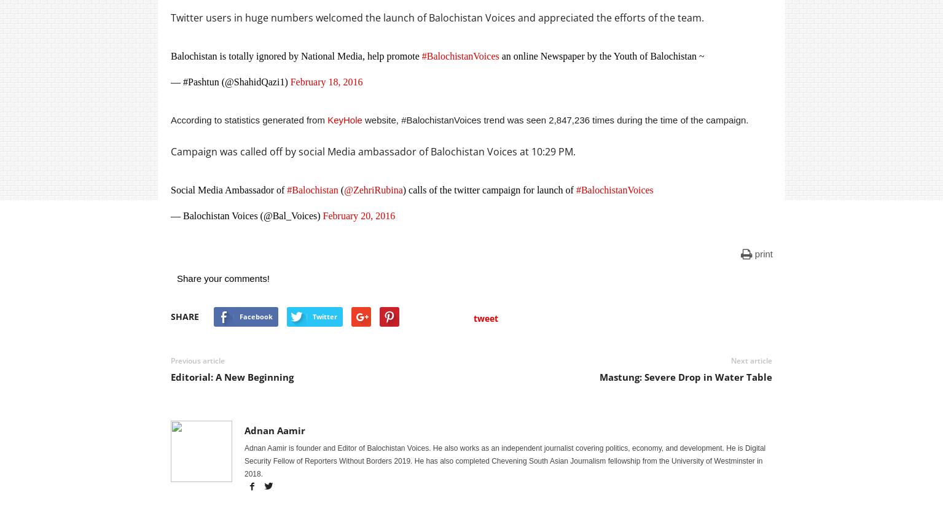 The height and width of the screenshot is (514, 943). I want to click on '#Balochistan', so click(286, 190).